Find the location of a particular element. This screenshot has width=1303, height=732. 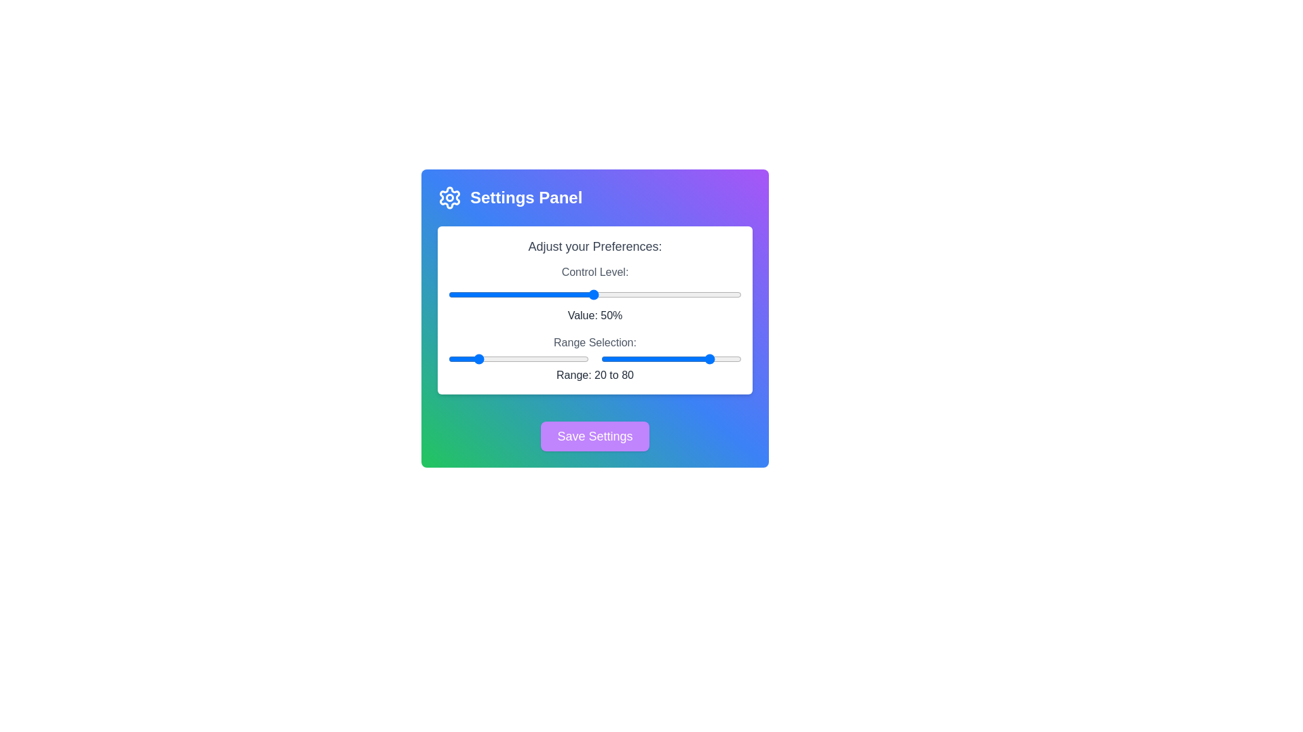

the gear-like settings icon located in the top left corner of the settings panel header is located at coordinates (449, 198).